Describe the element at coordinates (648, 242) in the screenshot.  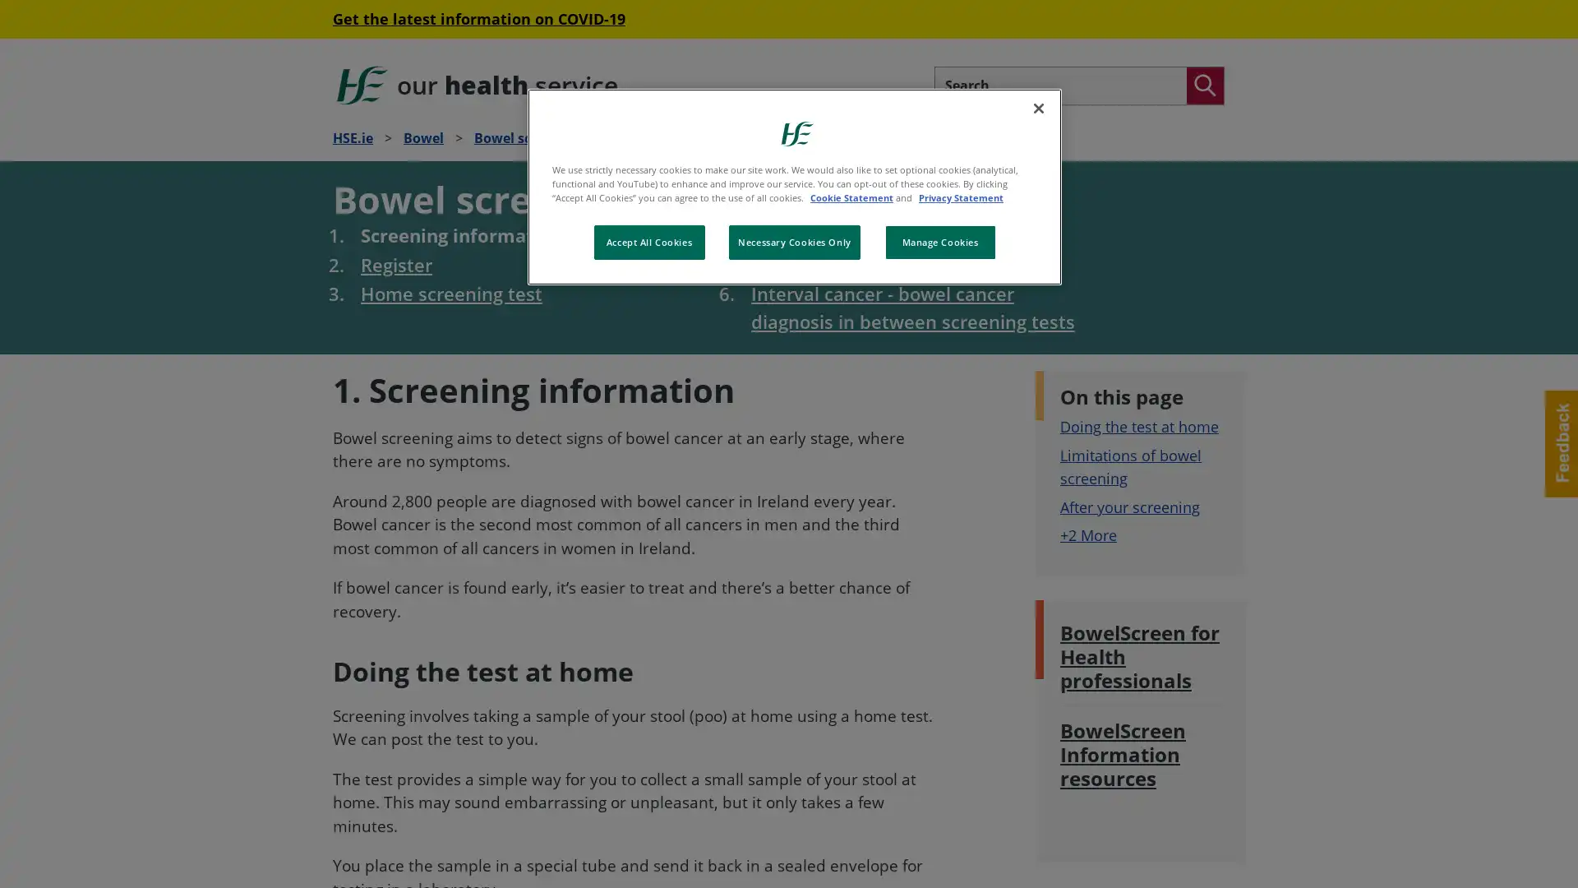
I see `Accept All Cookies` at that location.